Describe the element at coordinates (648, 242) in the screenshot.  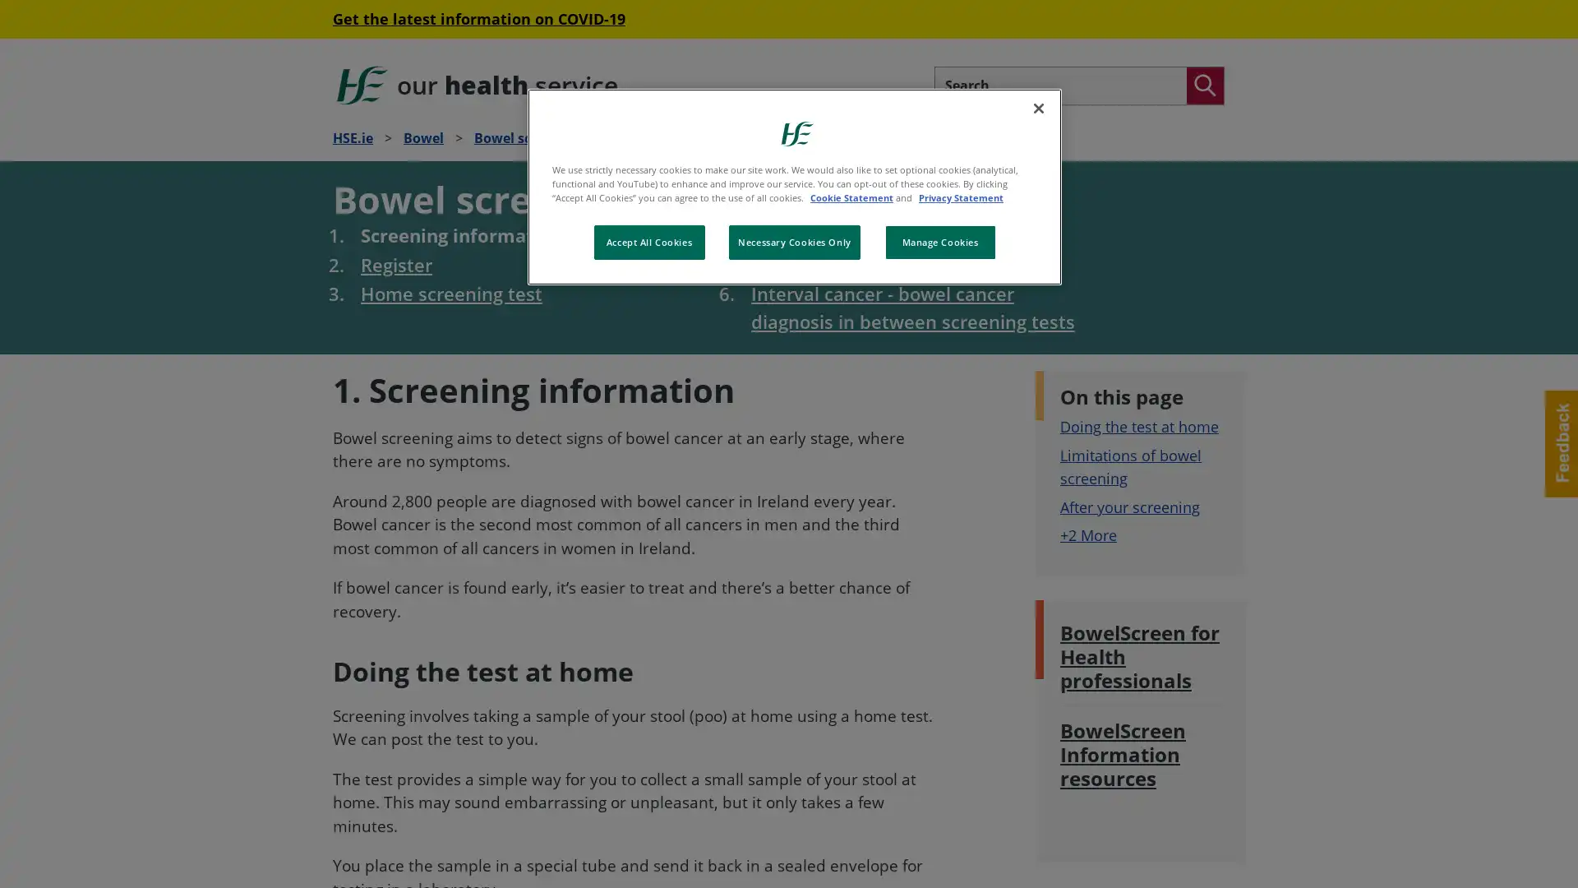
I see `Accept All Cookies` at that location.